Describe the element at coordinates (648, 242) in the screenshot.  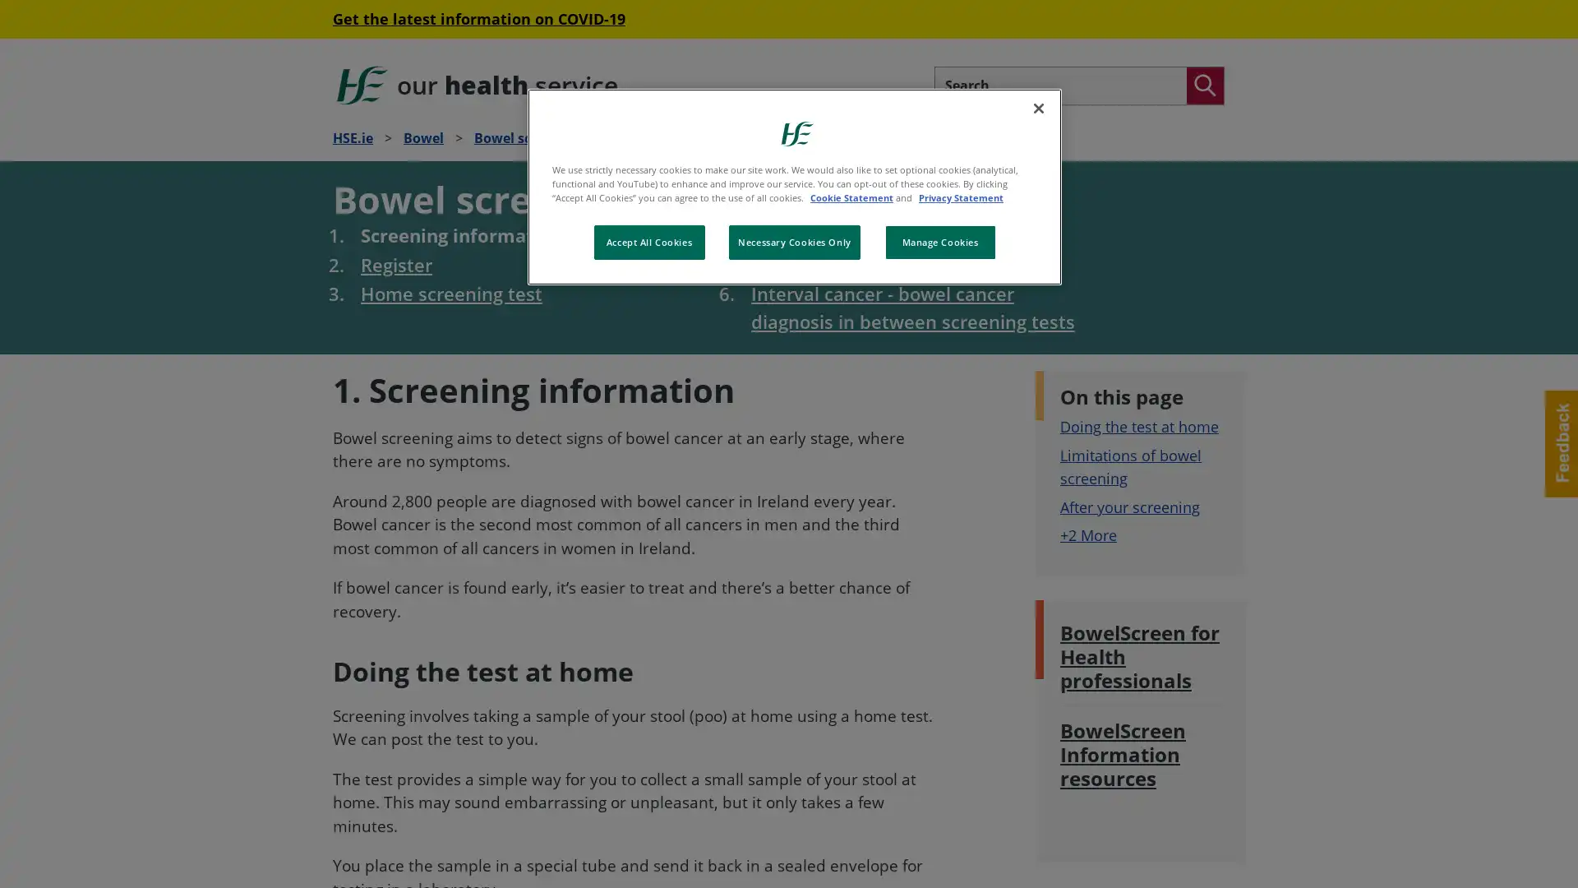
I see `Accept All Cookies` at that location.